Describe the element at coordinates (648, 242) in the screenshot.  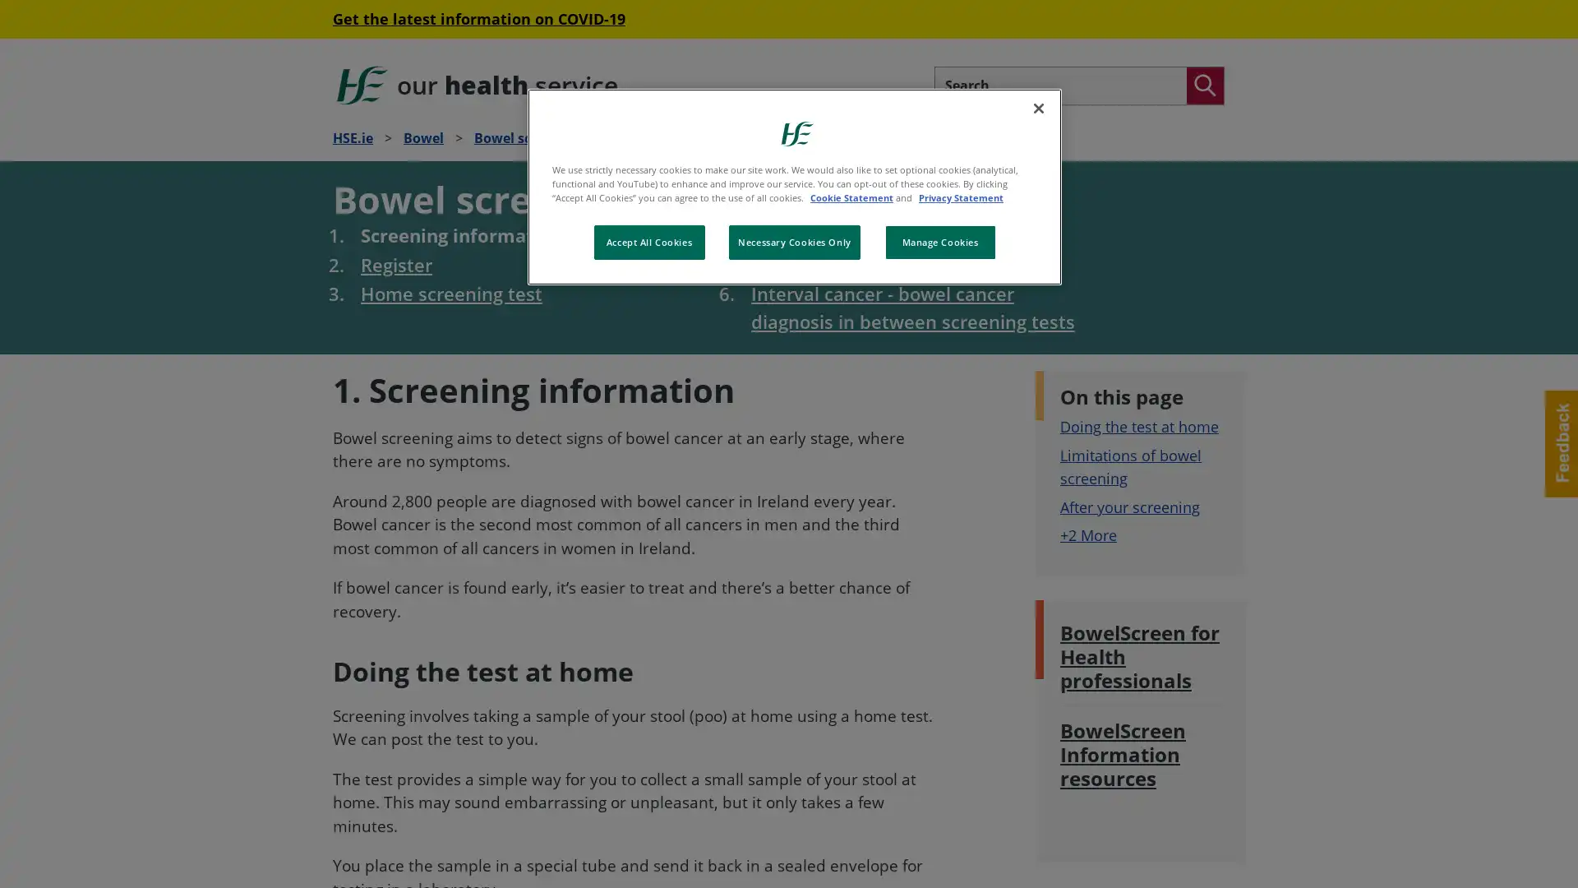
I see `Accept All Cookies` at that location.